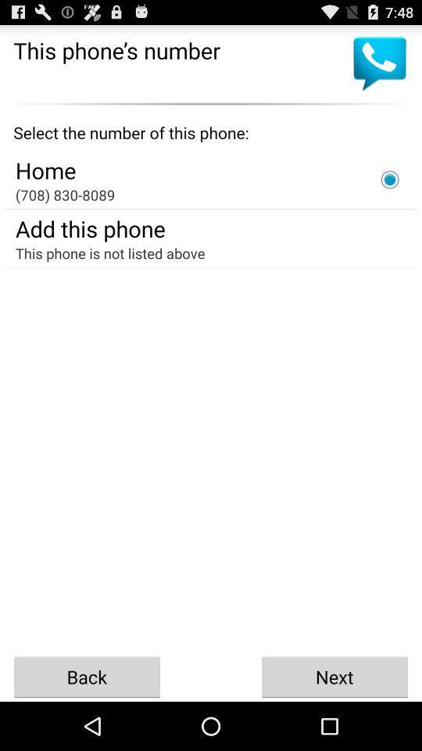 This screenshot has height=751, width=422. I want to click on phone number selection, so click(389, 179).